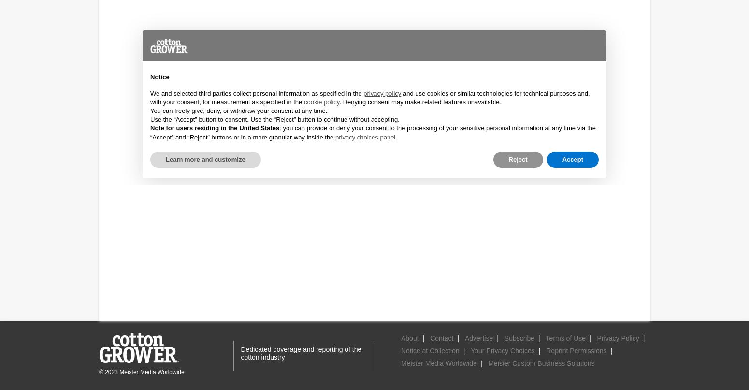 The width and height of the screenshot is (749, 390). Describe the element at coordinates (572, 158) in the screenshot. I see `'Accept'` at that location.